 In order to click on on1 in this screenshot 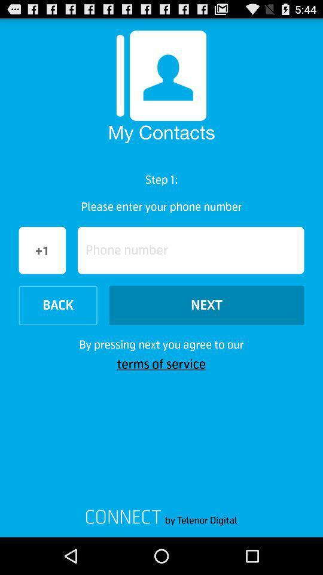, I will do `click(42, 250)`.